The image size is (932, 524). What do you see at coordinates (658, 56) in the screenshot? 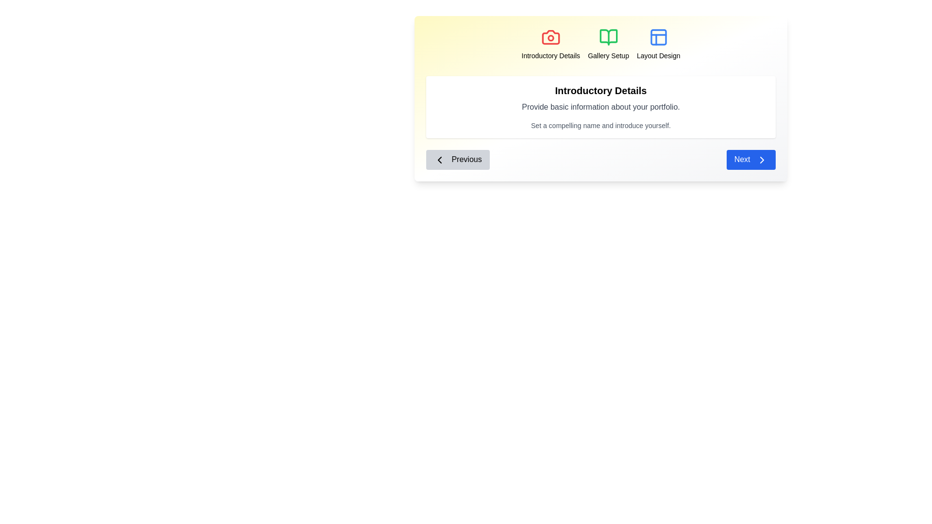
I see `the text label that serves as a descriptor or title for the related icon, positioned at the bottom of a vertically stacked group of elements, below a blue square icon` at bounding box center [658, 56].